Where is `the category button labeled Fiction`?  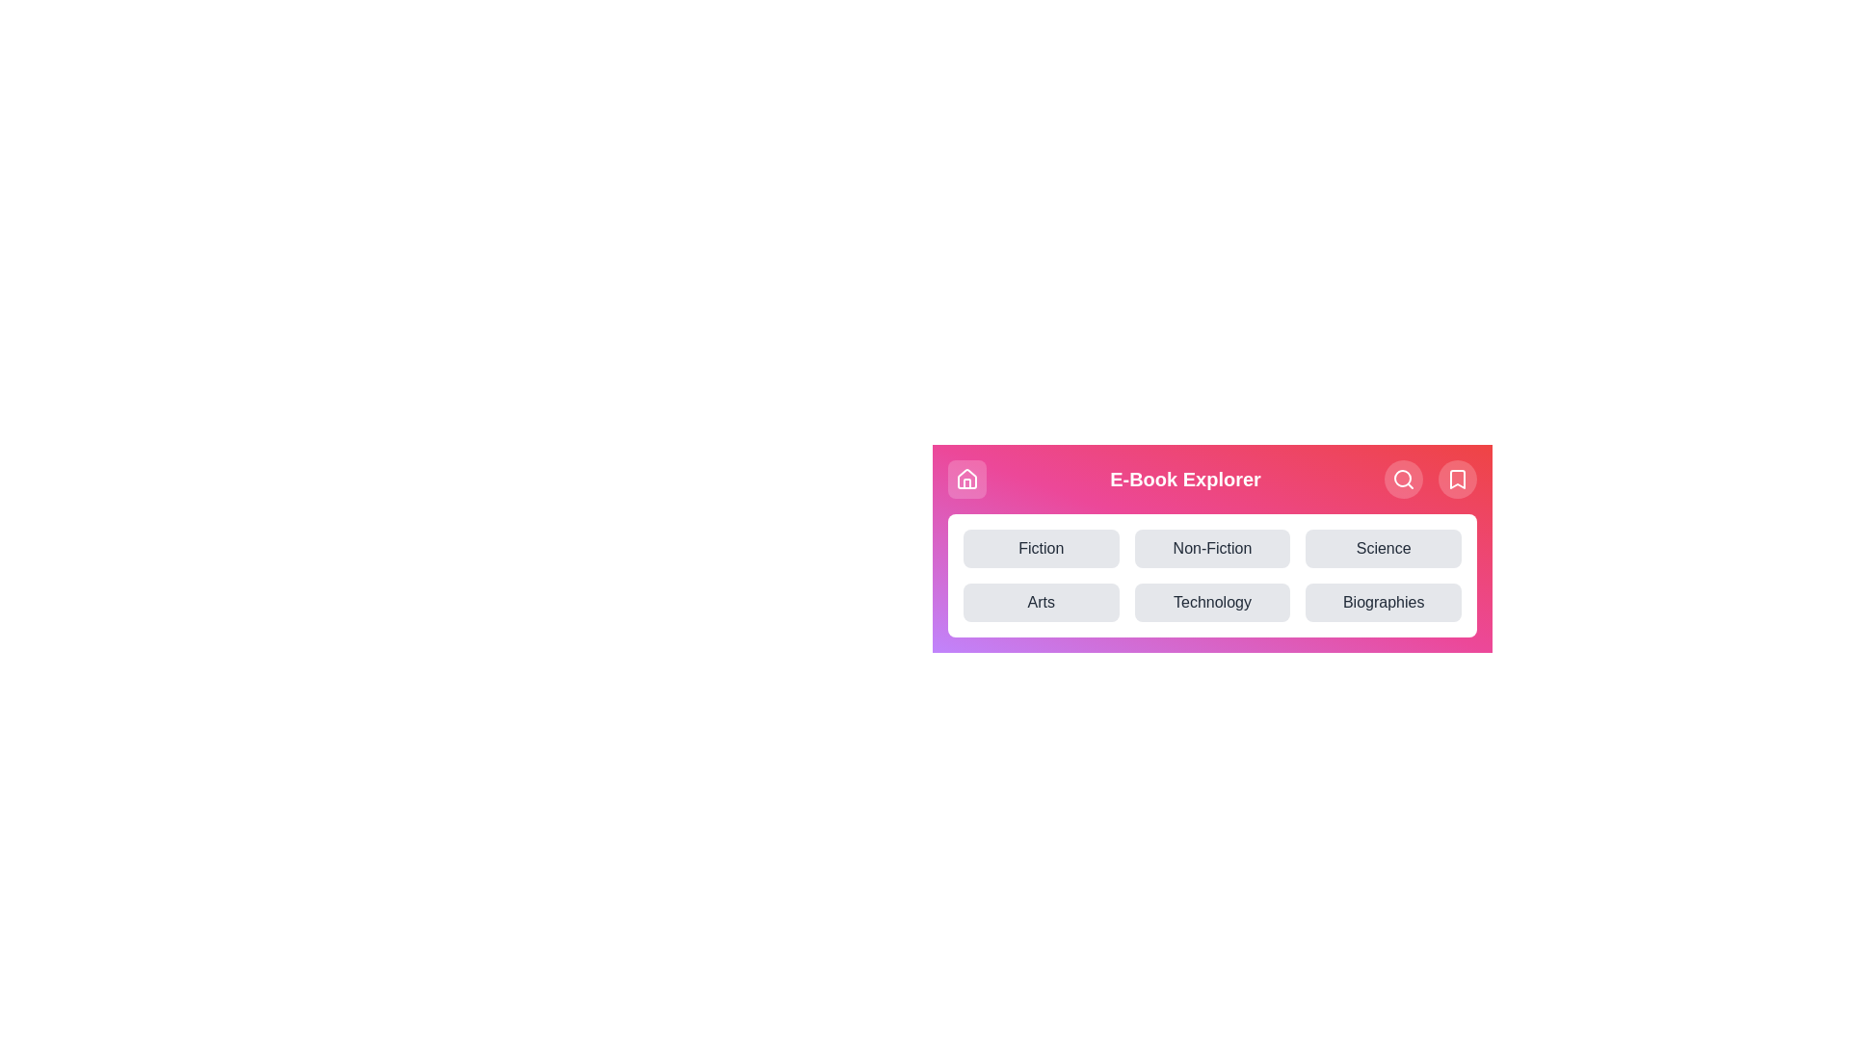
the category button labeled Fiction is located at coordinates (1040, 549).